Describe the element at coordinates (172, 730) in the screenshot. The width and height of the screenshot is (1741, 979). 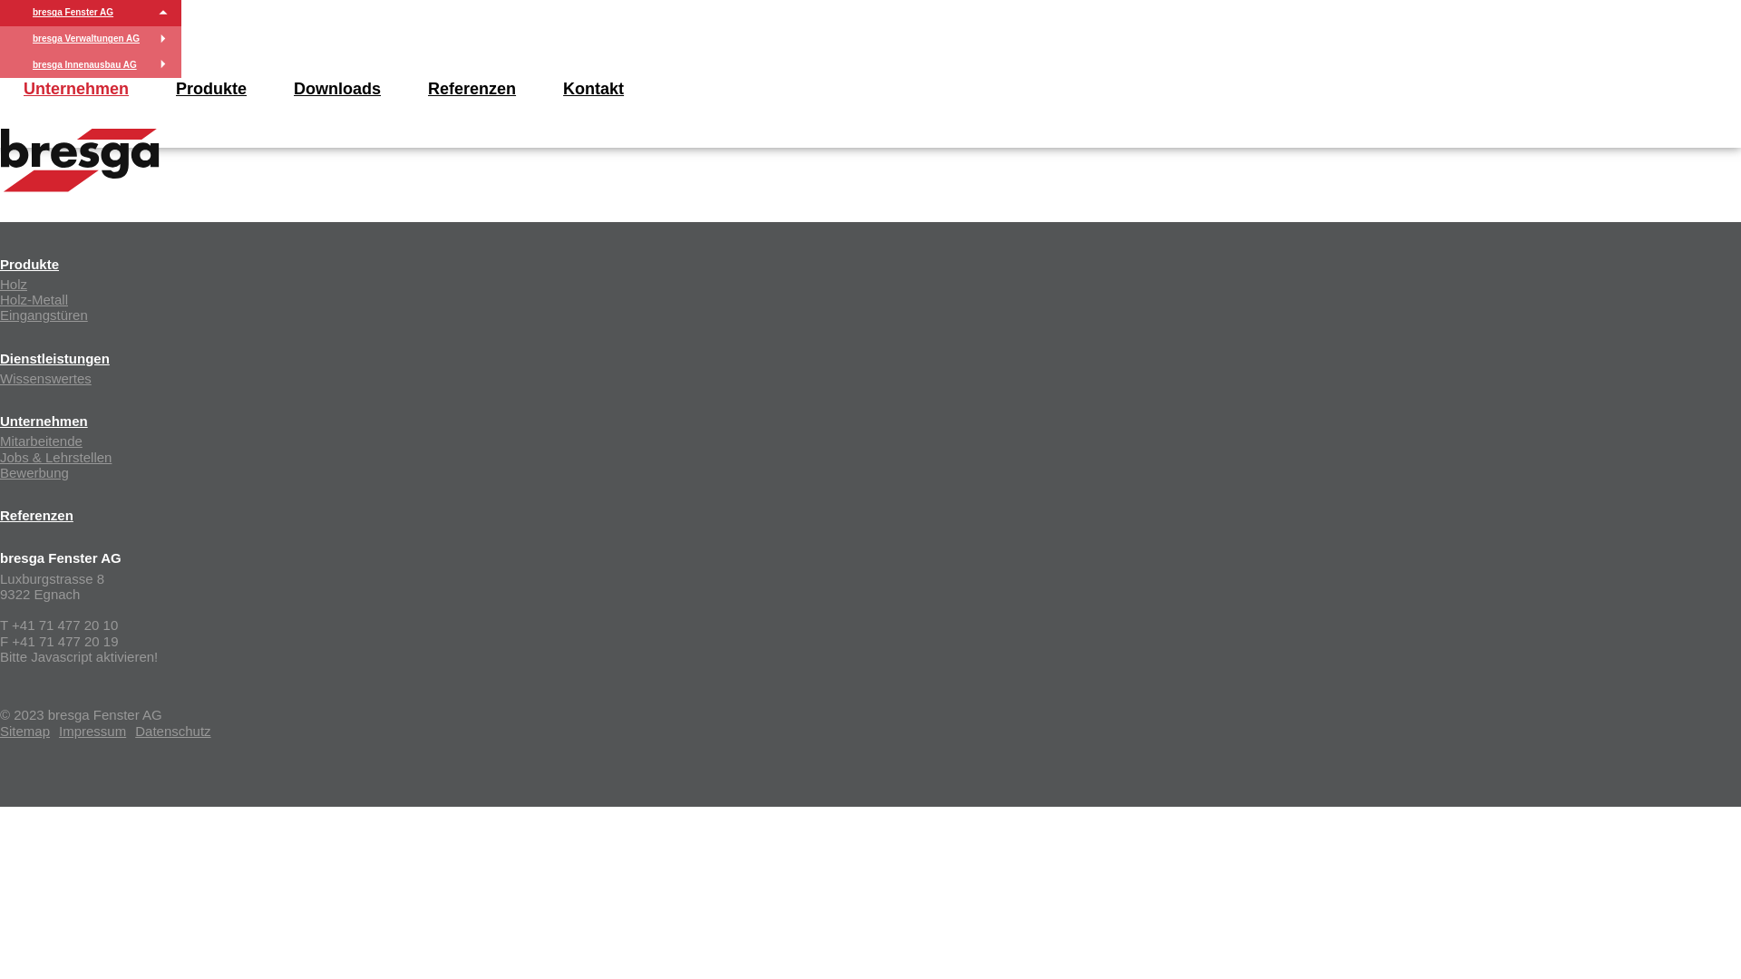
I see `'Datenschutz'` at that location.